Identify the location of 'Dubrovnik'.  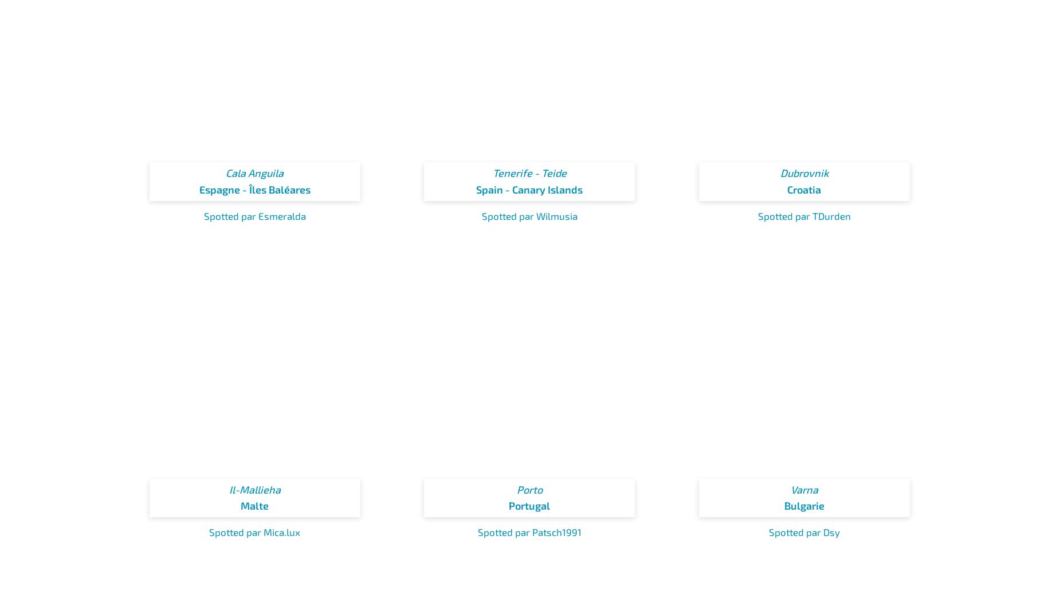
(804, 173).